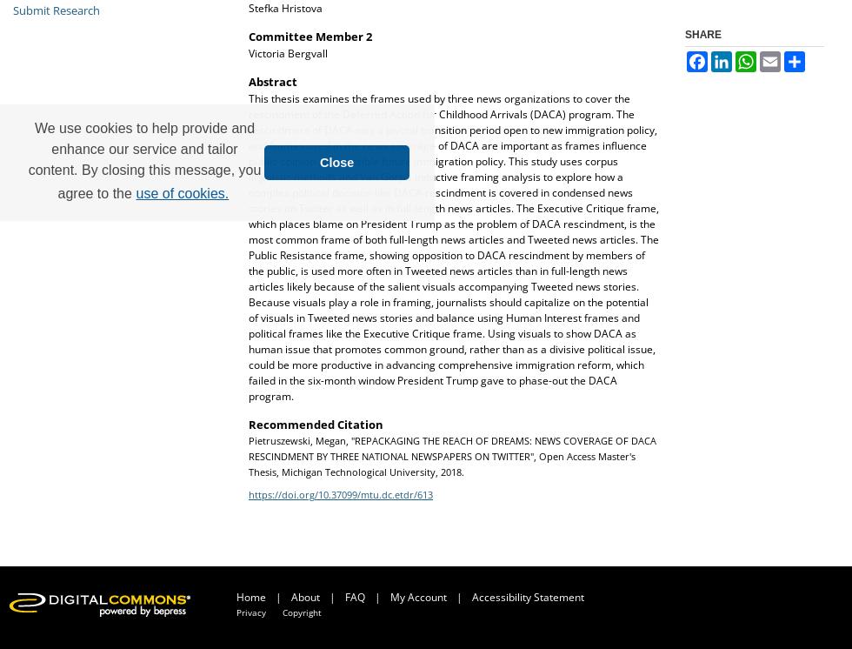 This screenshot has width=852, height=649. I want to click on 'Submit Research', so click(12, 9).